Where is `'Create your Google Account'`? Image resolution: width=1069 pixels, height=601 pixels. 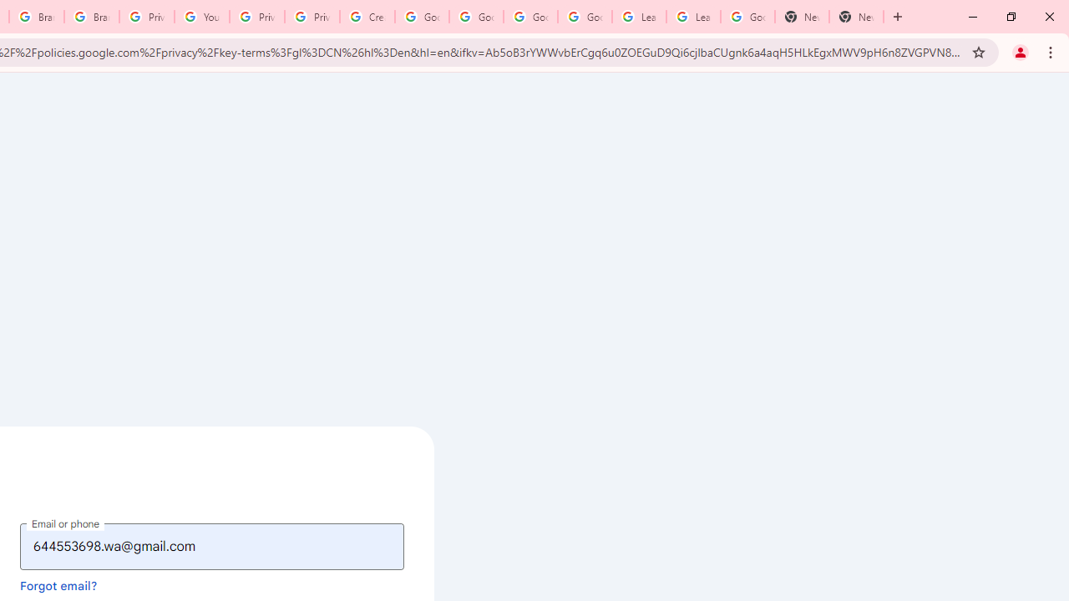 'Create your Google Account' is located at coordinates (367, 17).